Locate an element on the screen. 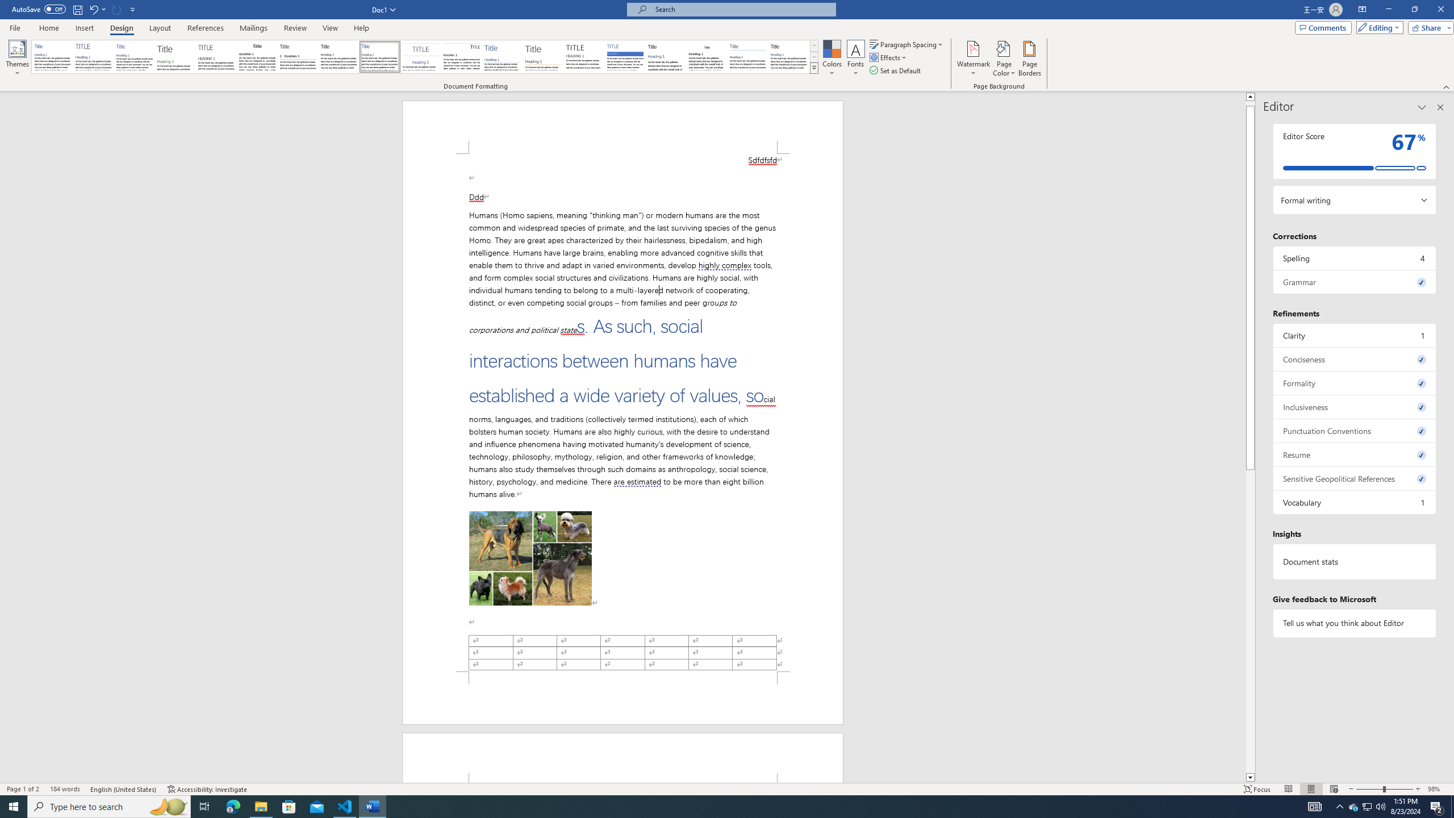 Image resolution: width=1454 pixels, height=818 pixels. 'Word 2010' is located at coordinates (747, 56).